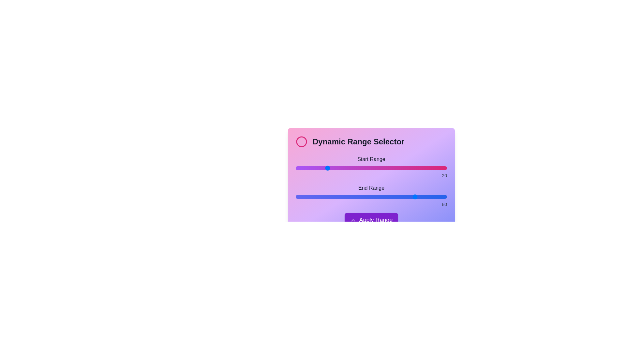  I want to click on the start range slider to 27 by dragging the slider to the desired position, so click(336, 168).